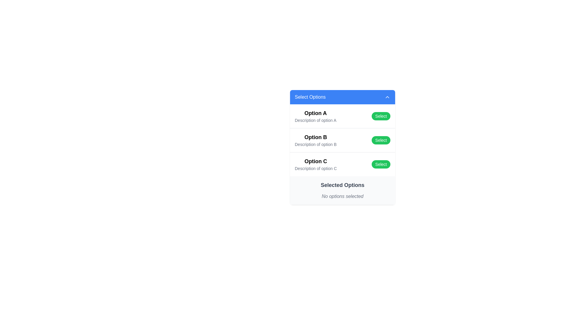  I want to click on the static text label displaying 'Select Options' in white font on a blue background, which is located in the header section aligned to the left, so click(310, 97).